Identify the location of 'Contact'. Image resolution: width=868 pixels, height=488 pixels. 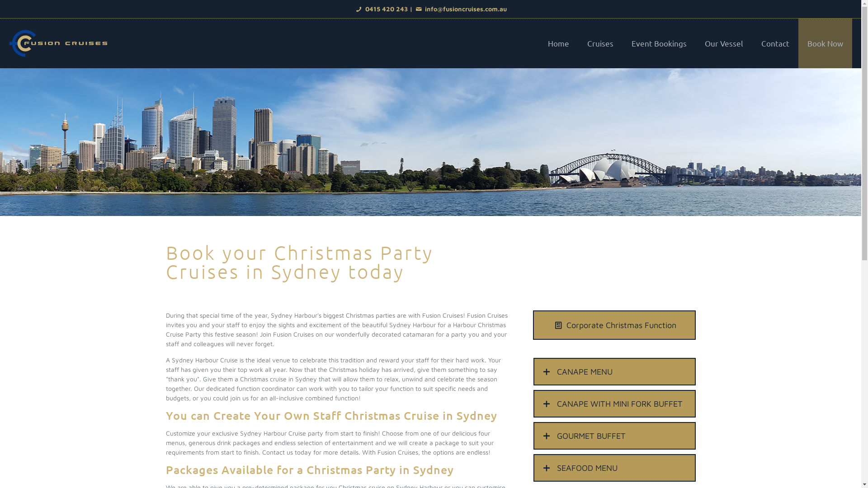
(774, 43).